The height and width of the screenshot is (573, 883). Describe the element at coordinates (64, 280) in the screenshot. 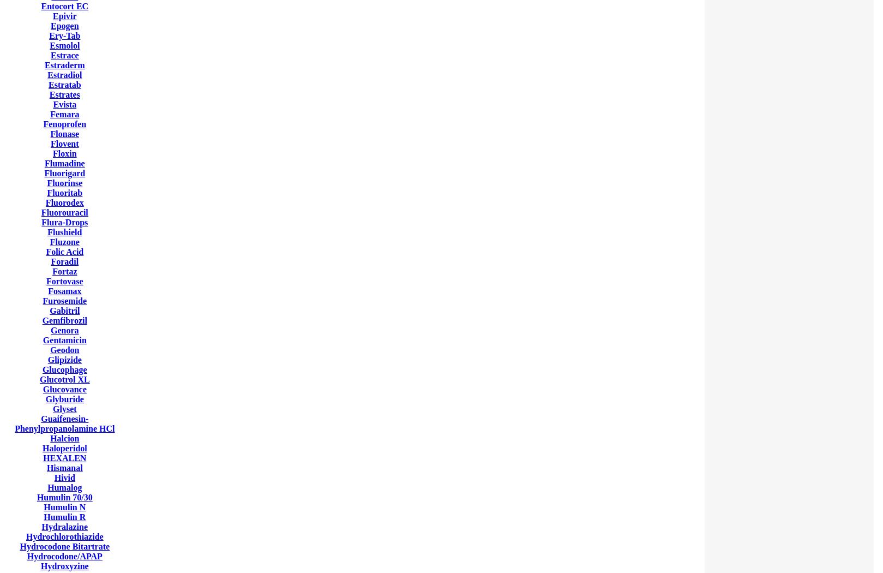

I see `'Fortovase'` at that location.